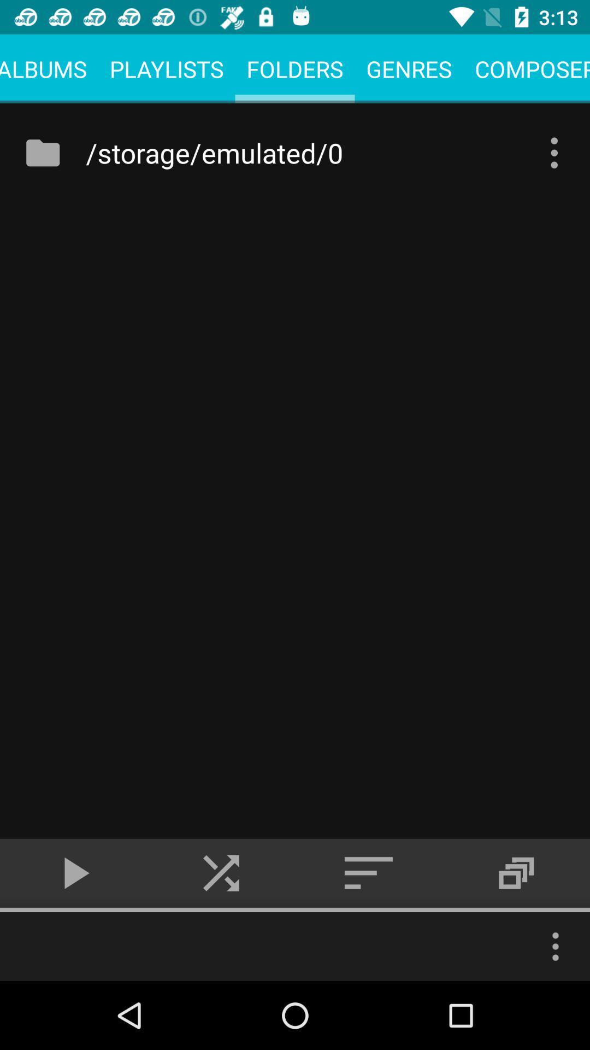  Describe the element at coordinates (221, 872) in the screenshot. I see `the skip_next icon` at that location.